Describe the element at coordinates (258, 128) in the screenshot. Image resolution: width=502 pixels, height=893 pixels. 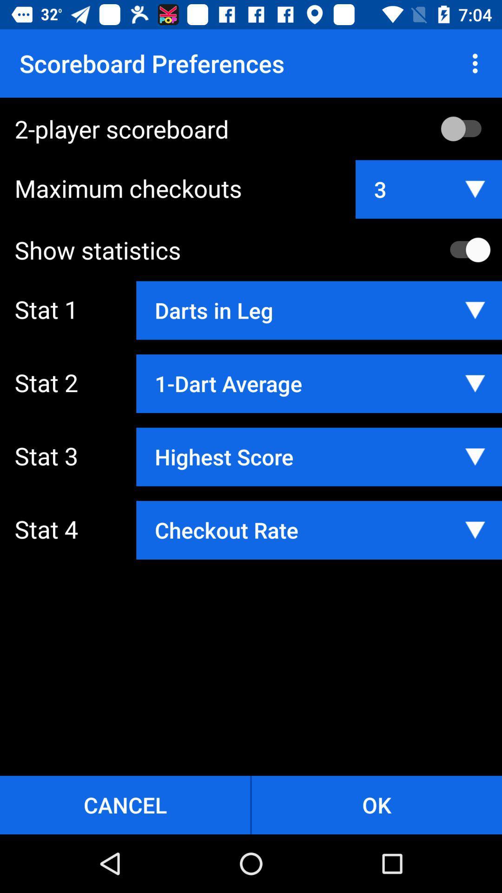
I see `the 2-player scoreboard item` at that location.